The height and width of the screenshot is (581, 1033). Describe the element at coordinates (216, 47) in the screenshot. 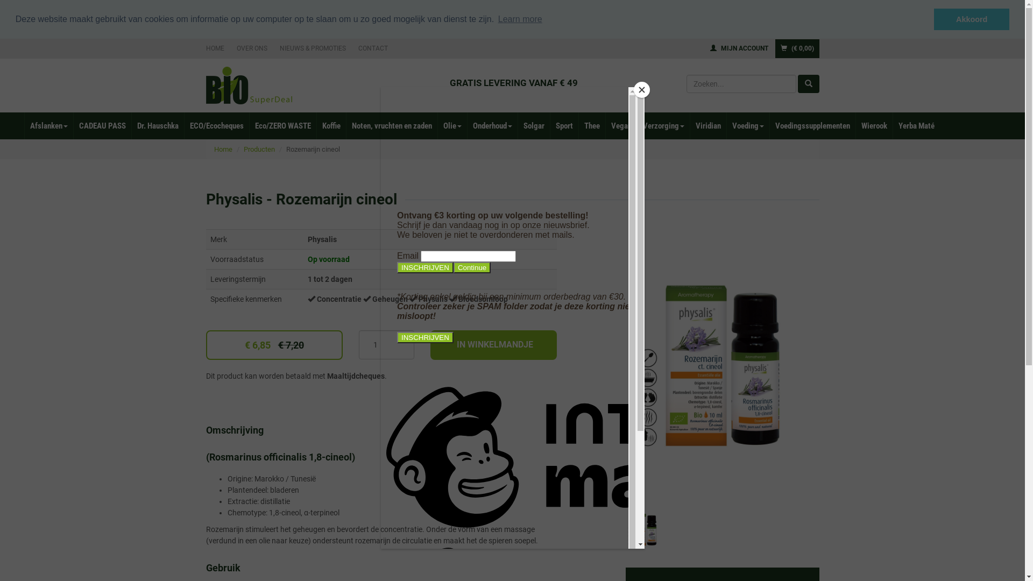

I see `'HOME'` at that location.